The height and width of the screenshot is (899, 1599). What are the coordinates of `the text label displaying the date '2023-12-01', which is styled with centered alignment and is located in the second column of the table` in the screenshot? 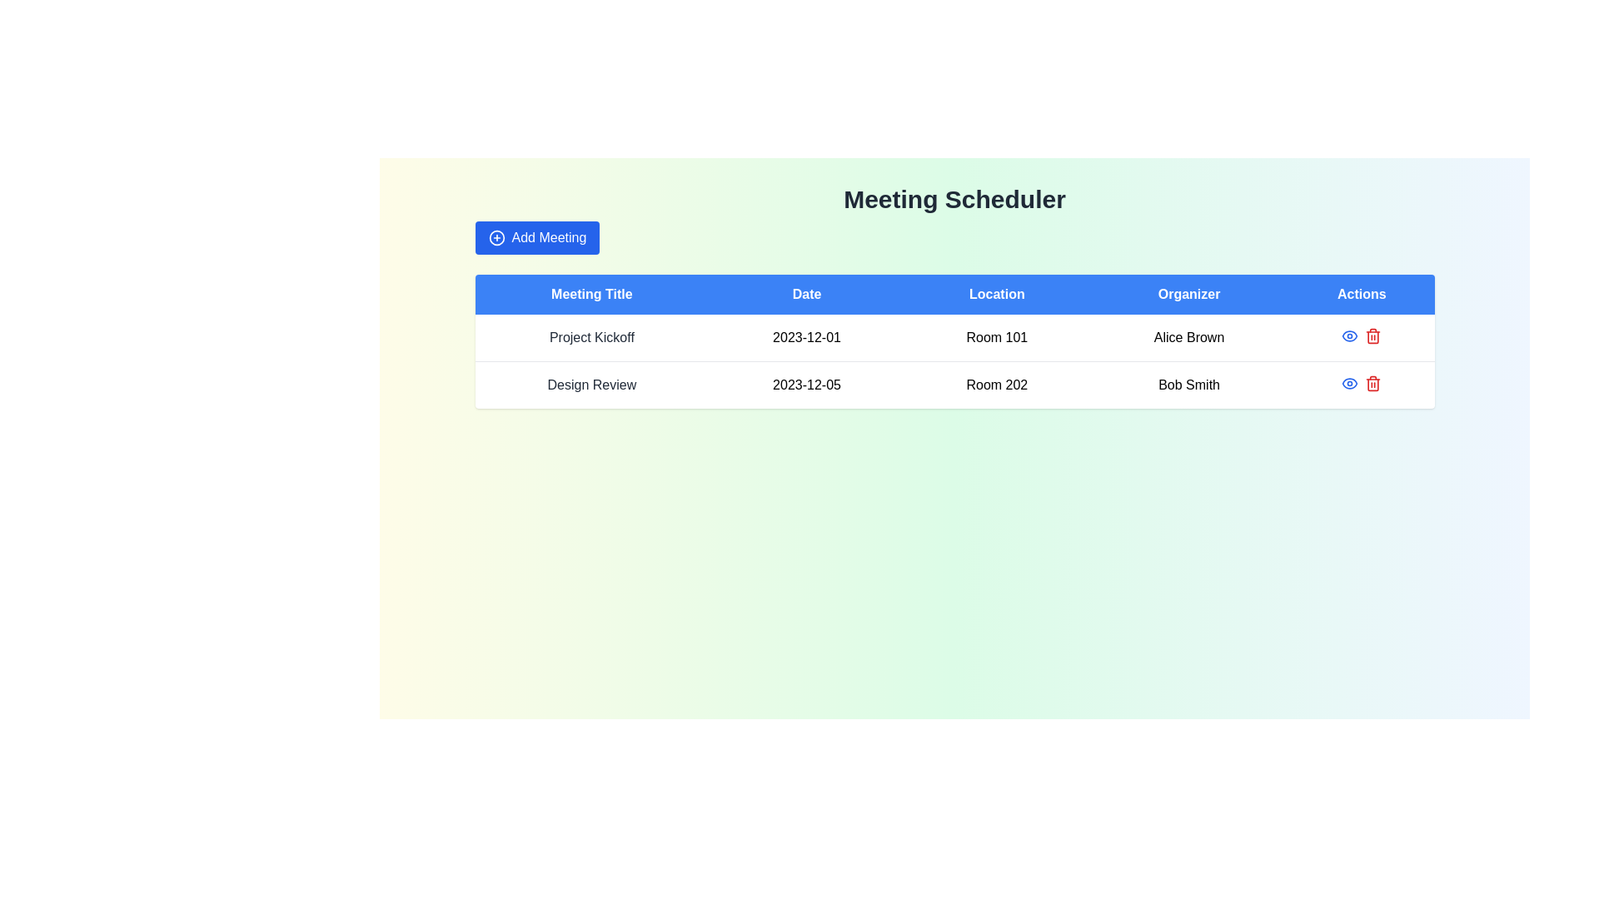 It's located at (807, 337).